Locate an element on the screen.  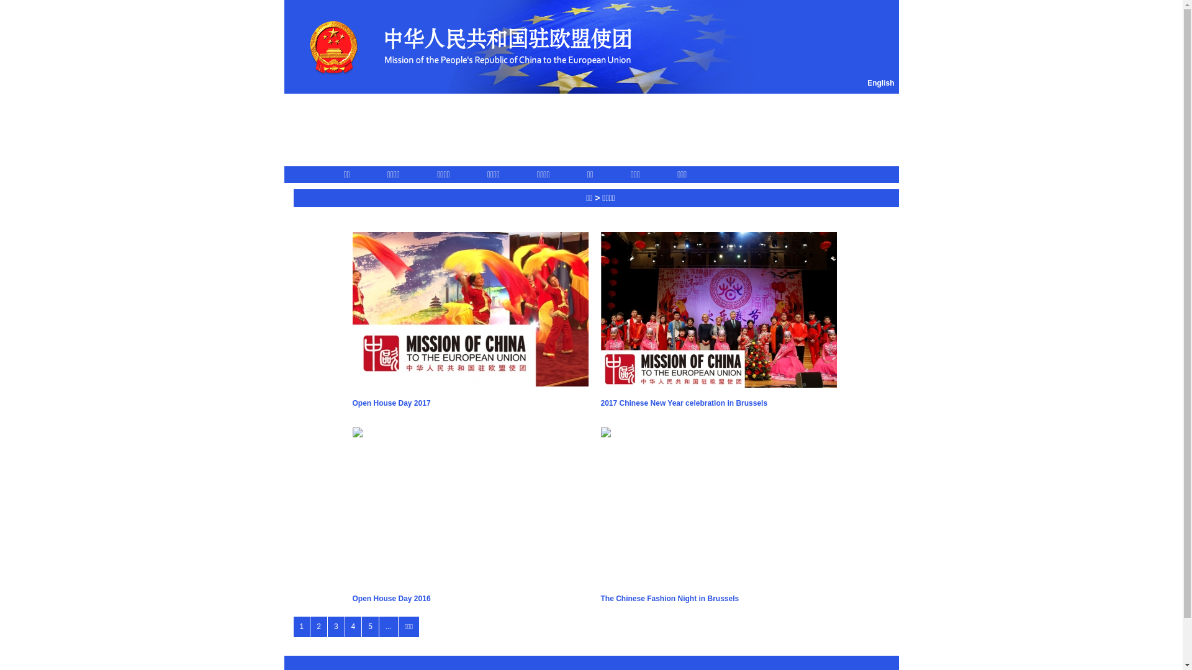
'4' is located at coordinates (353, 627).